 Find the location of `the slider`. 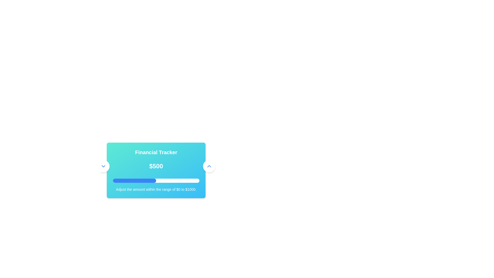

the slider is located at coordinates (145, 180).